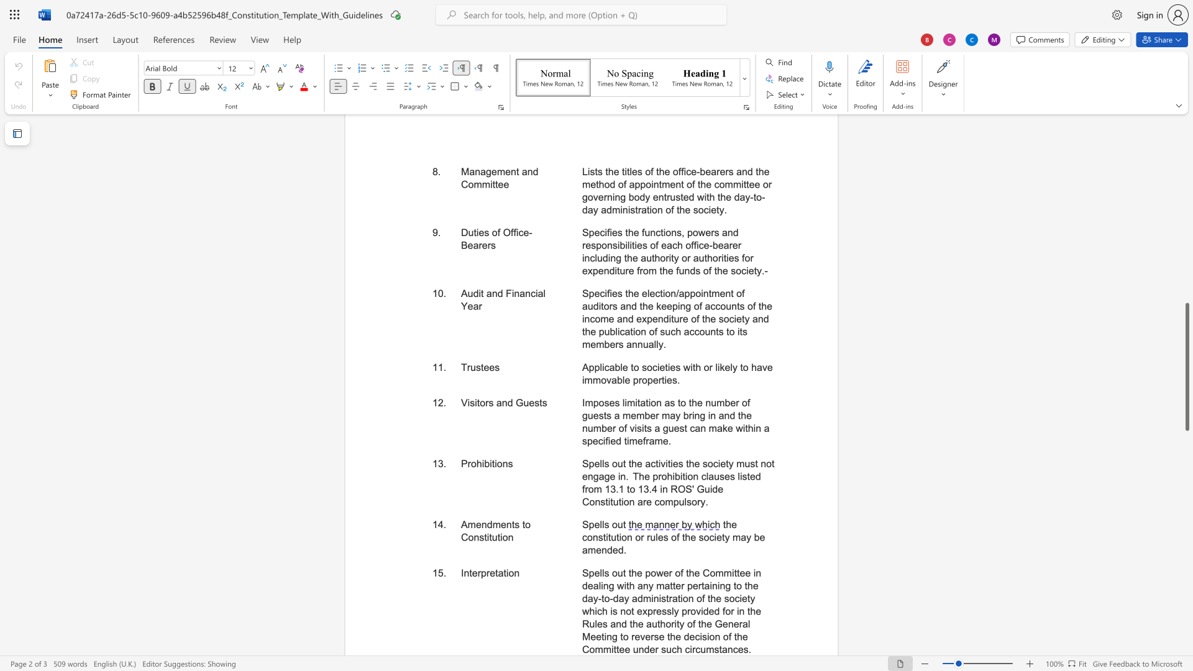 The width and height of the screenshot is (1193, 671). I want to click on the scrollbar, so click(1186, 260).